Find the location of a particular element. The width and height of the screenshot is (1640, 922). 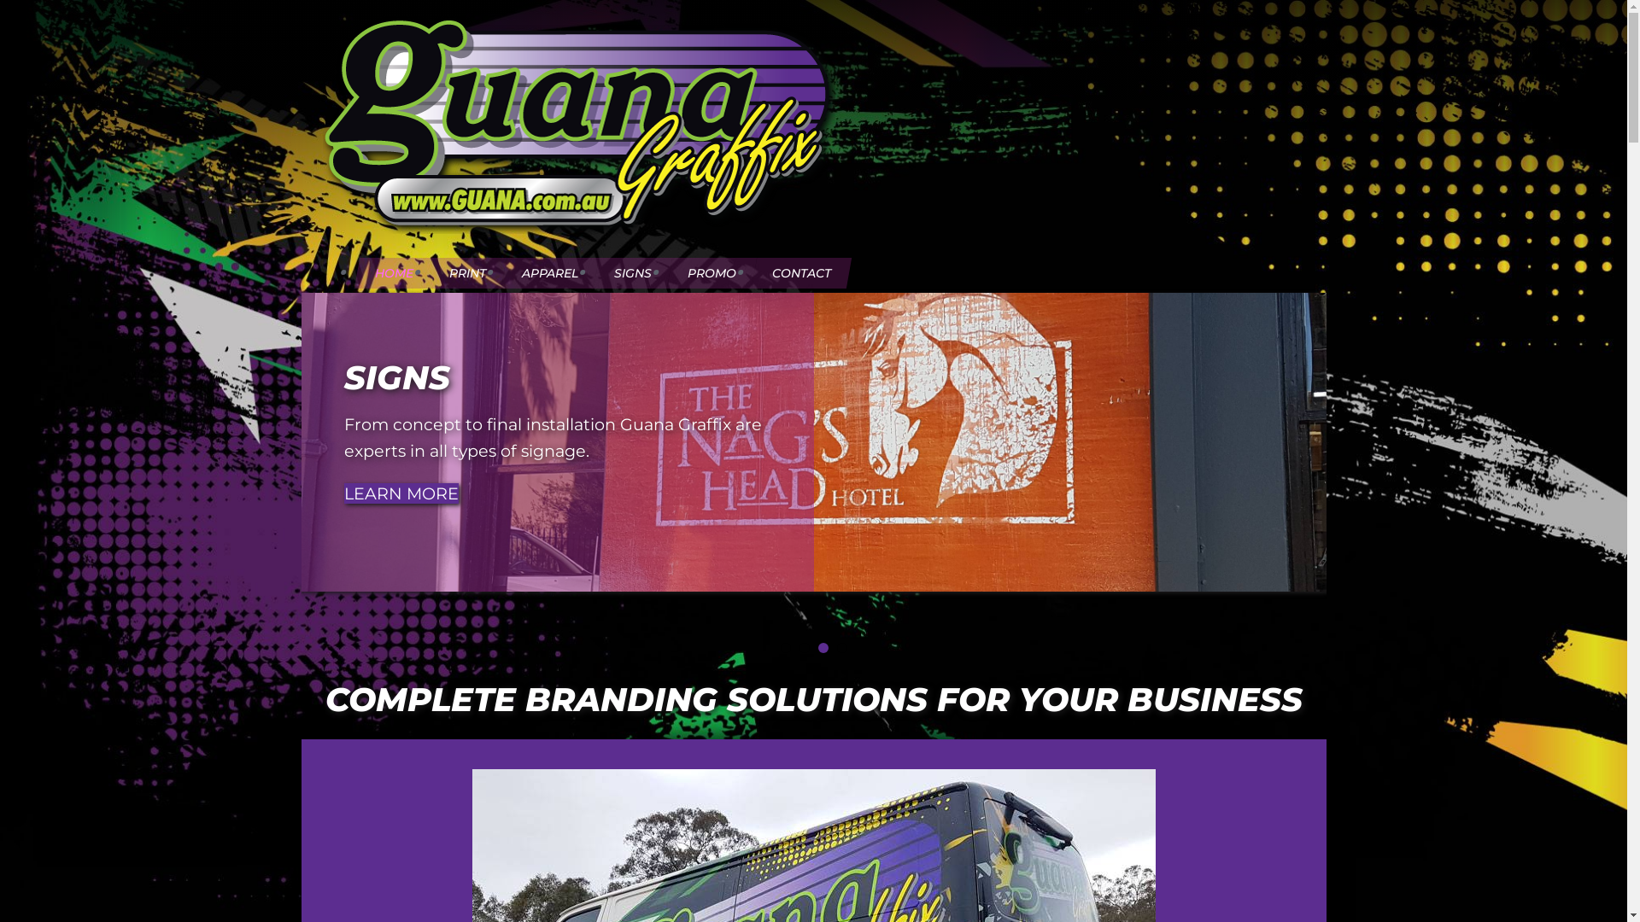

'2' is located at coordinates (803, 648).